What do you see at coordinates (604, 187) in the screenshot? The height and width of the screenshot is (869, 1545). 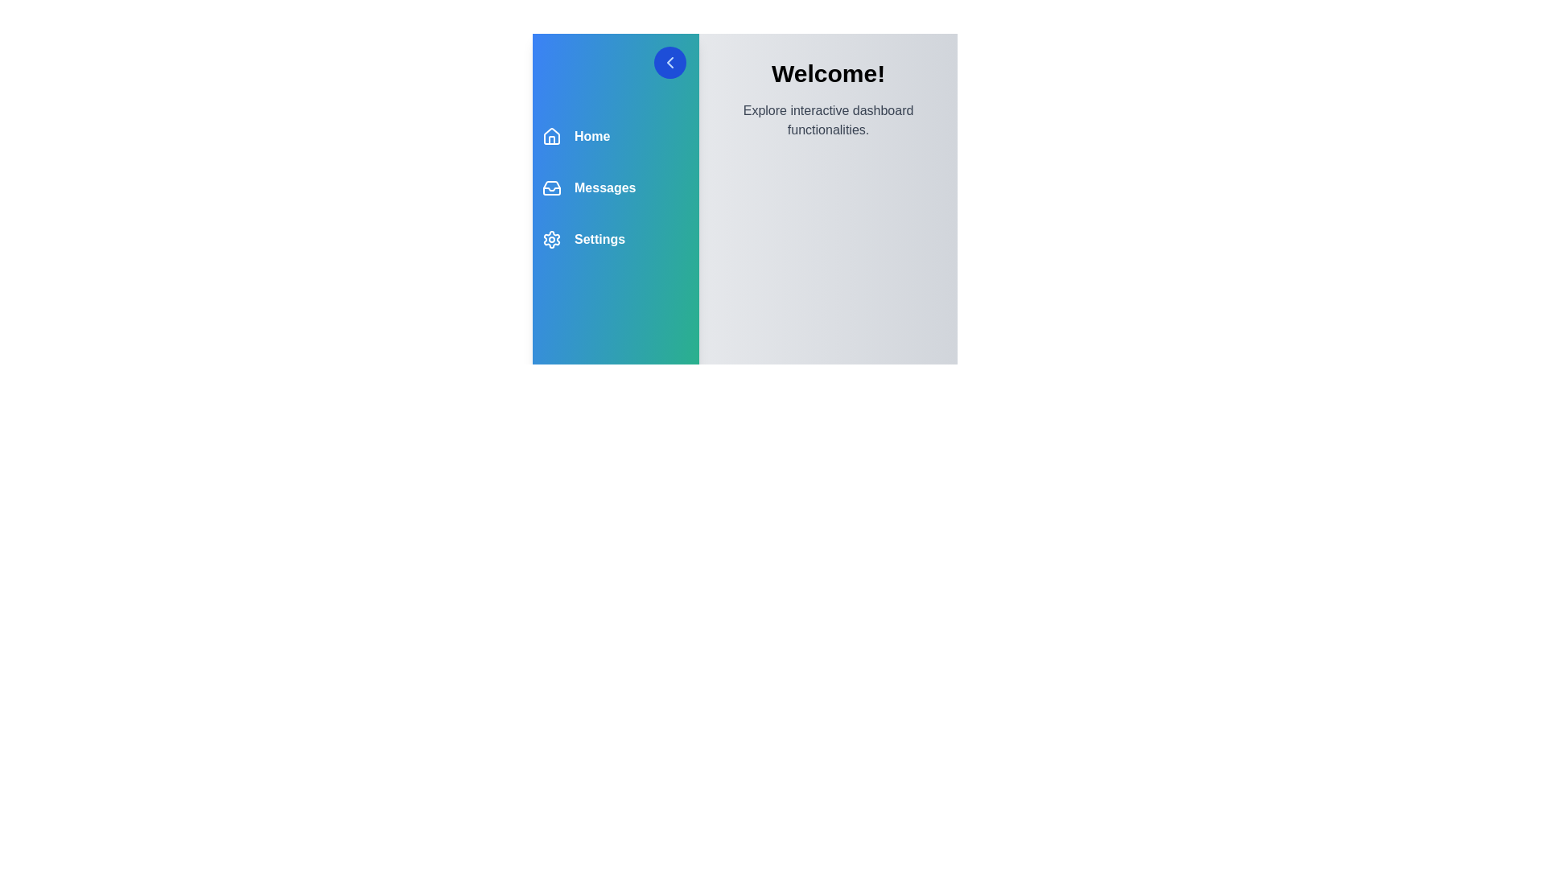 I see `'Messages' navigation label located in the vertical sidebar, which is the second item in the menu list, positioned beneath 'Home' and above 'Settings'` at bounding box center [604, 187].